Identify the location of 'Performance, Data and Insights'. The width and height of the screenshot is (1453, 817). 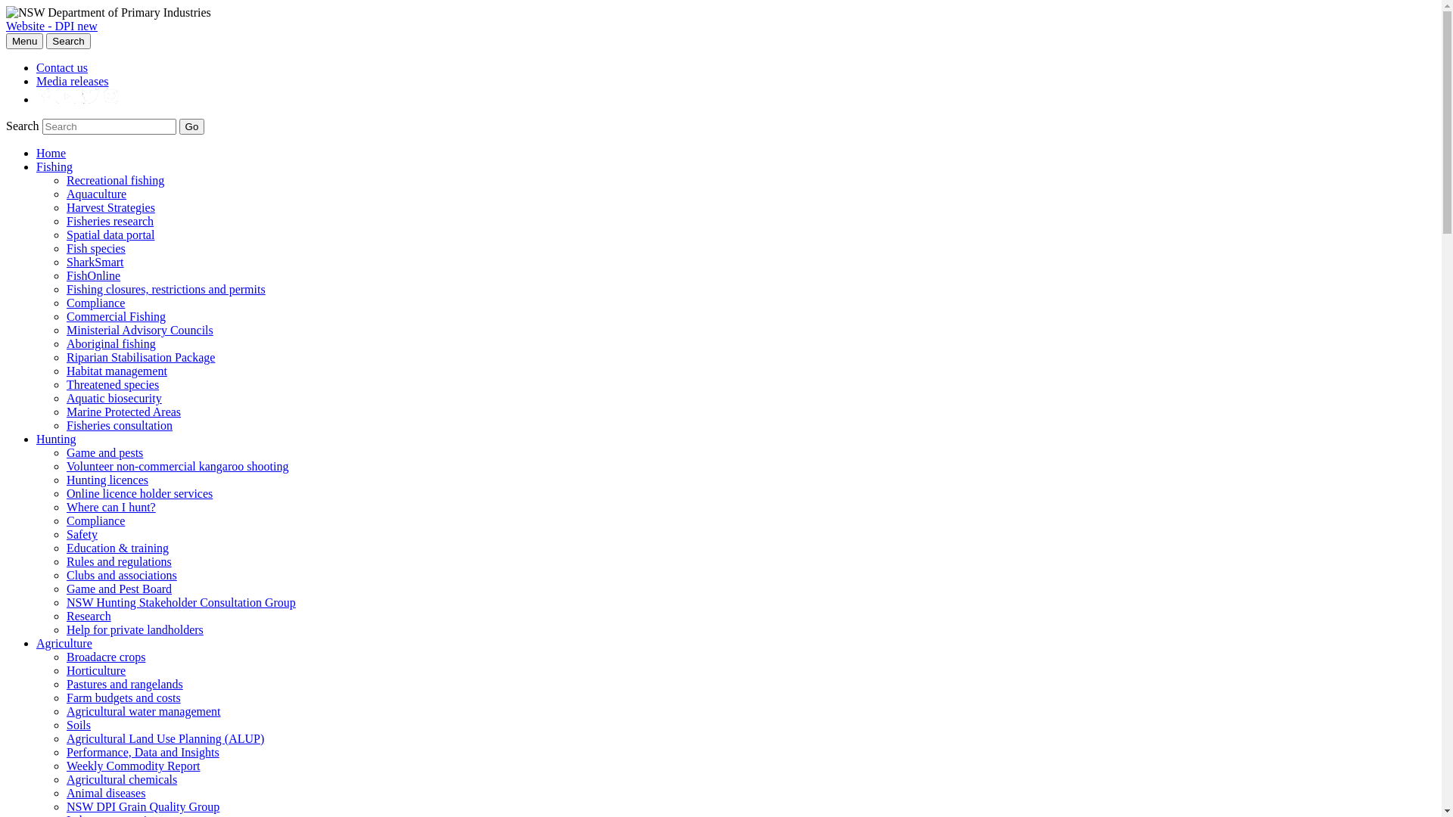
(65, 752).